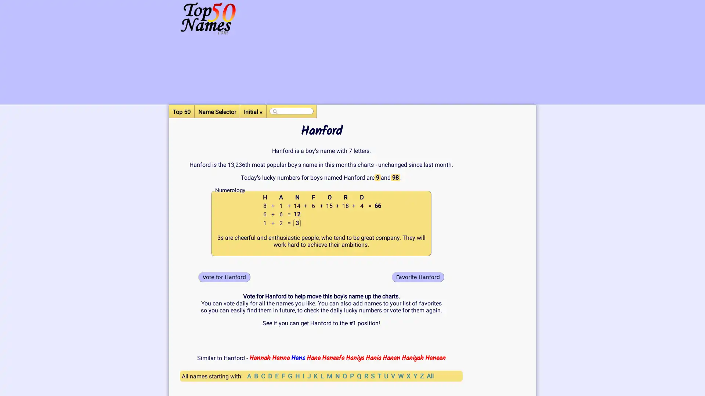  I want to click on Vote for Hanford, so click(224, 277).